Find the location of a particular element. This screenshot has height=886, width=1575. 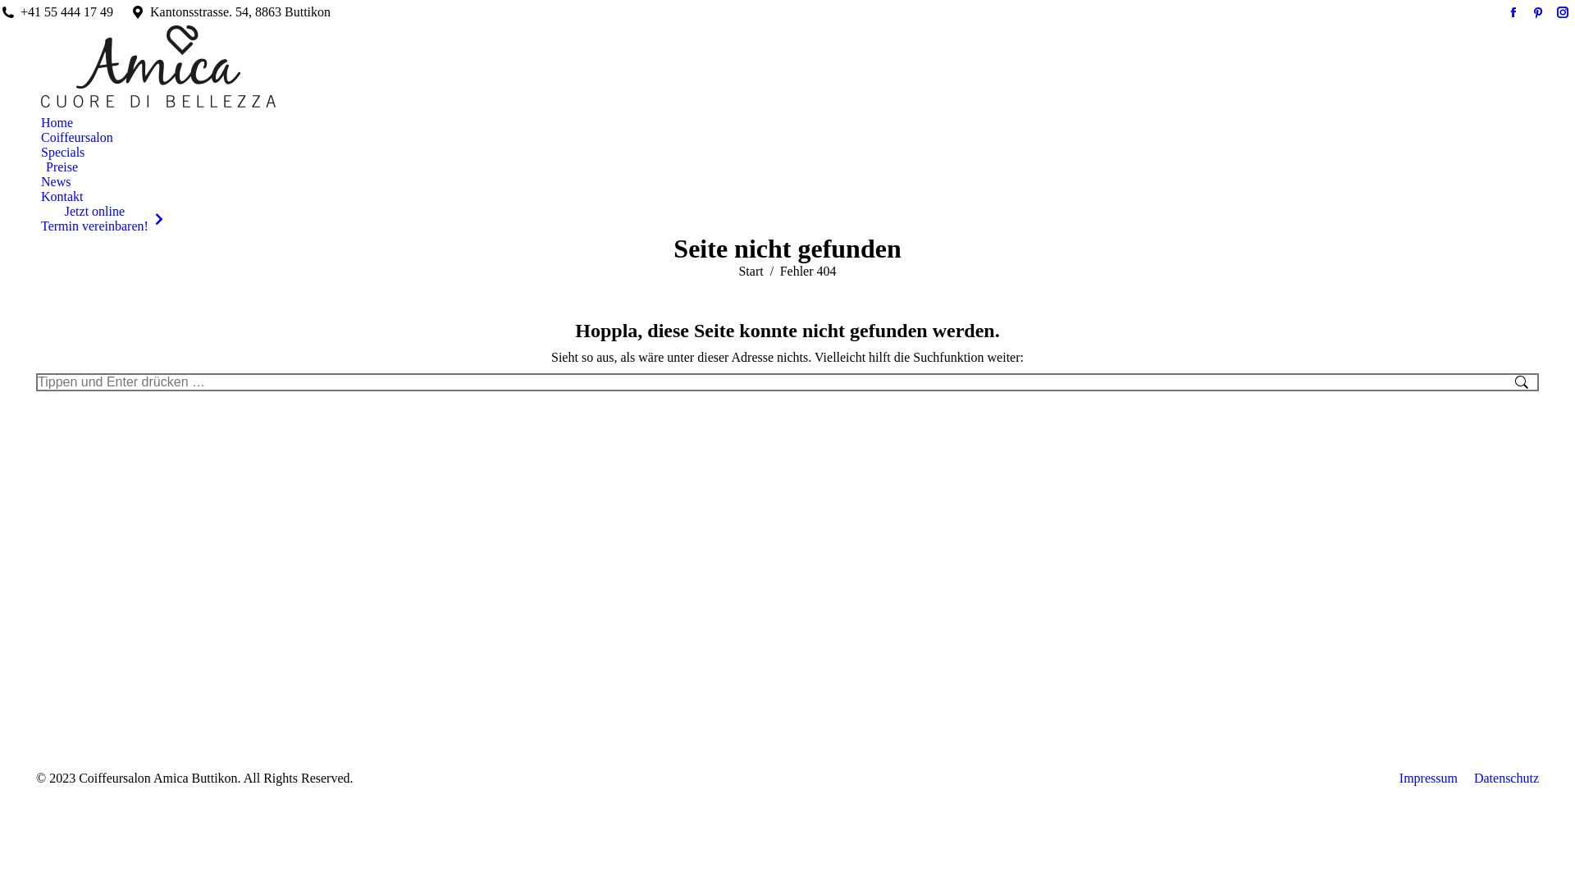

'Impressum' is located at coordinates (1427, 777).